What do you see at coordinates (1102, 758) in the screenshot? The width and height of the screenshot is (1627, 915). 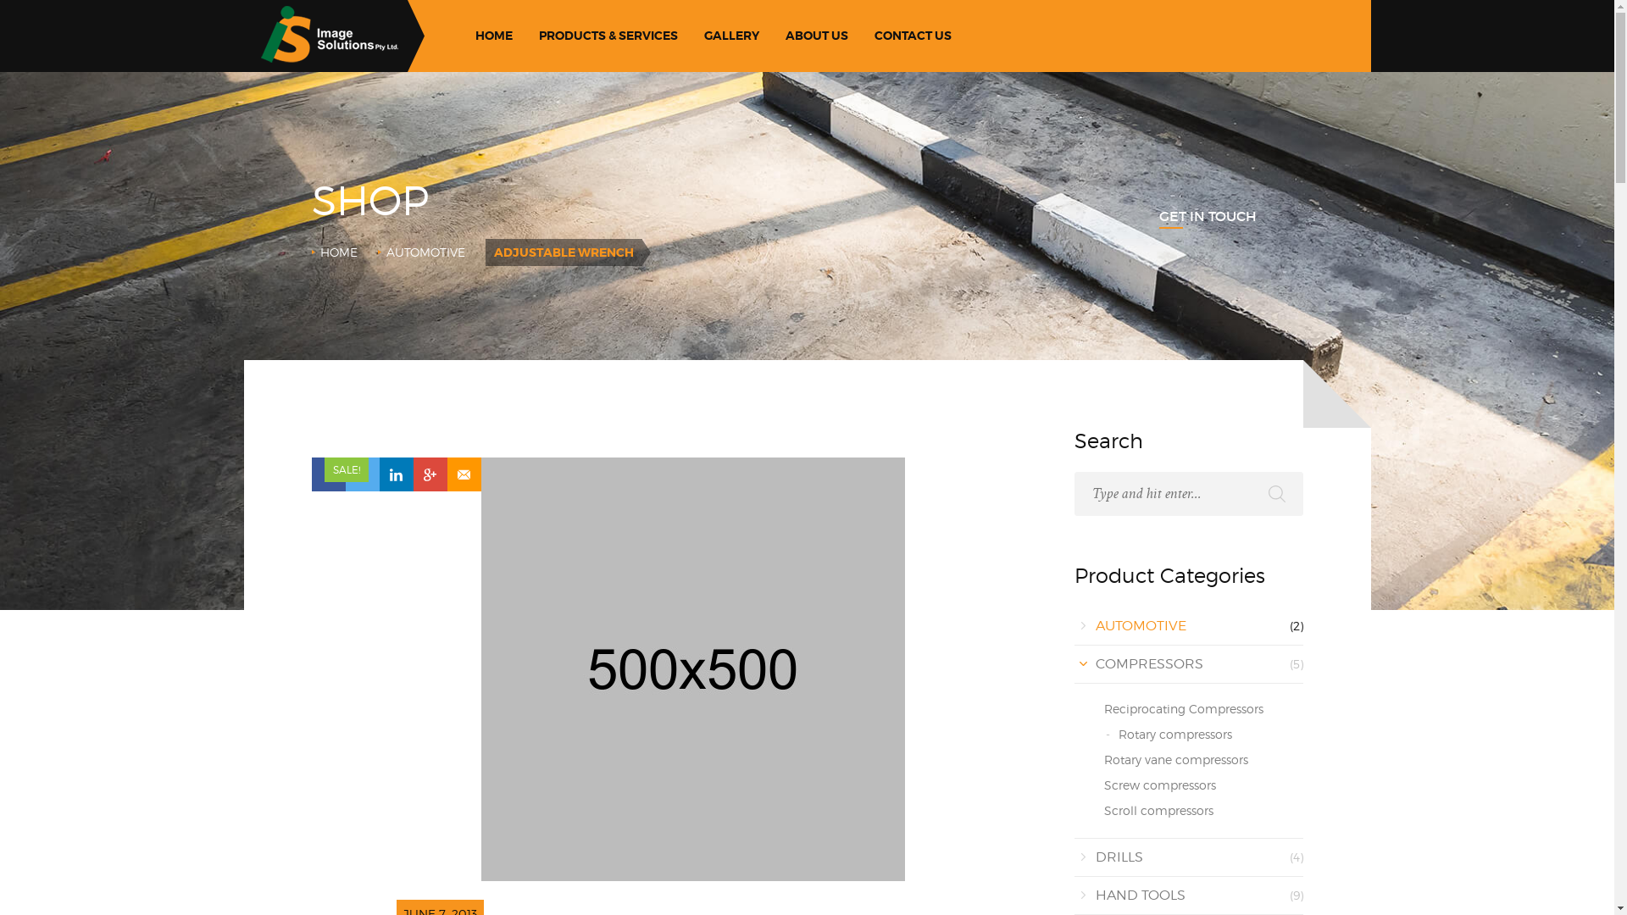 I see `'Rotary vane compressors'` at bounding box center [1102, 758].